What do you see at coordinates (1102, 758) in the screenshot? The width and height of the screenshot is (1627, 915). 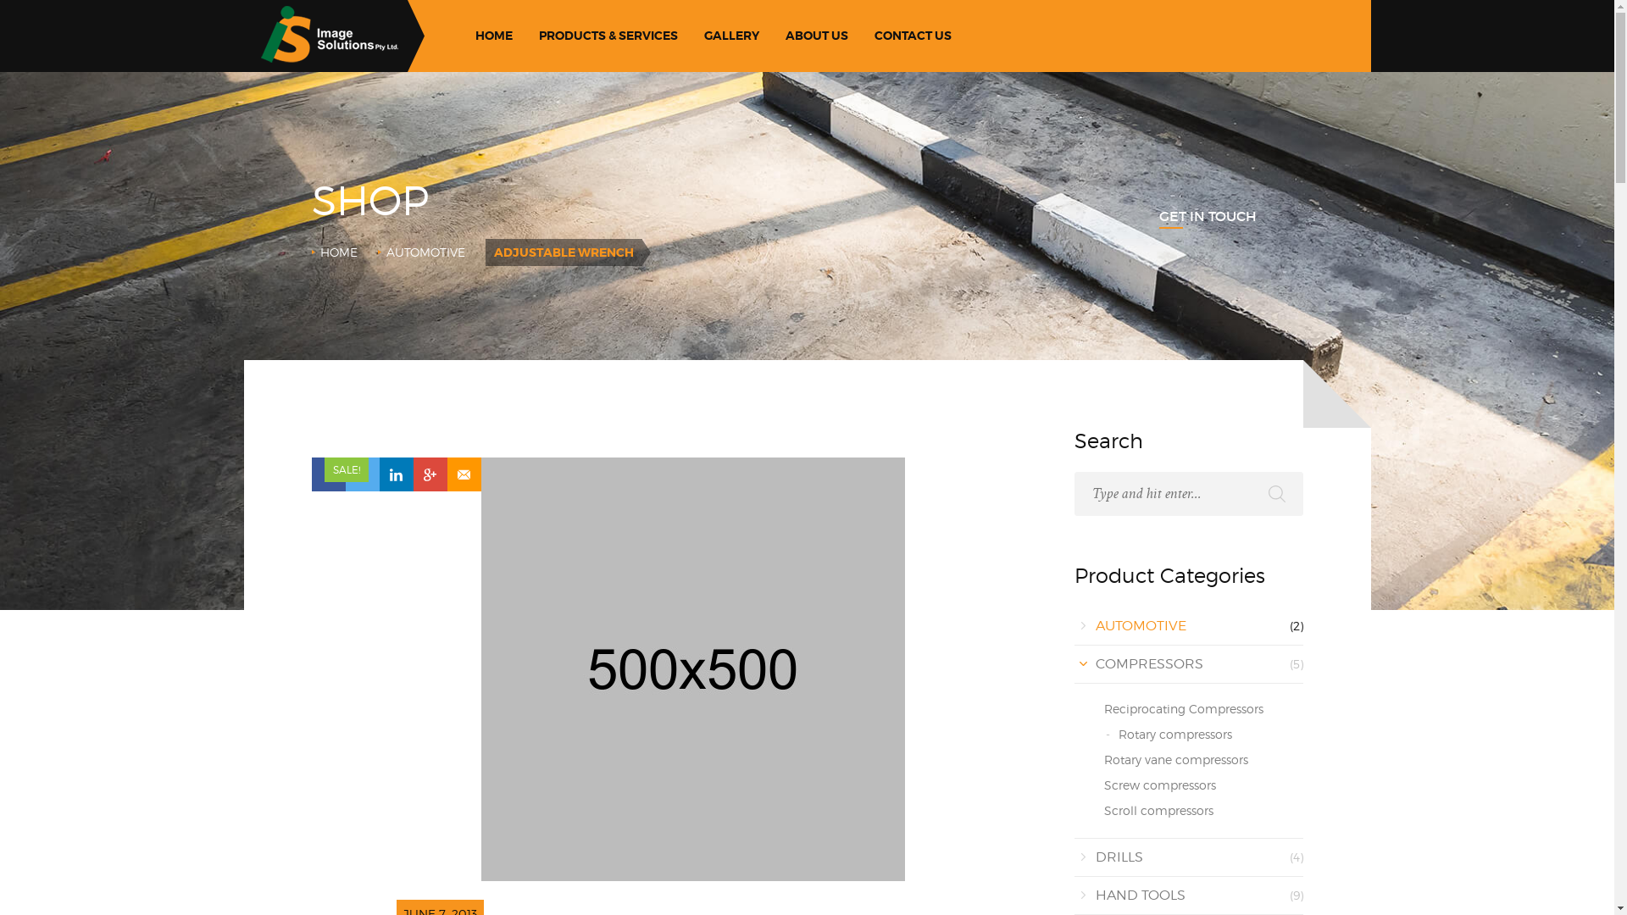 I see `'Rotary vane compressors'` at bounding box center [1102, 758].